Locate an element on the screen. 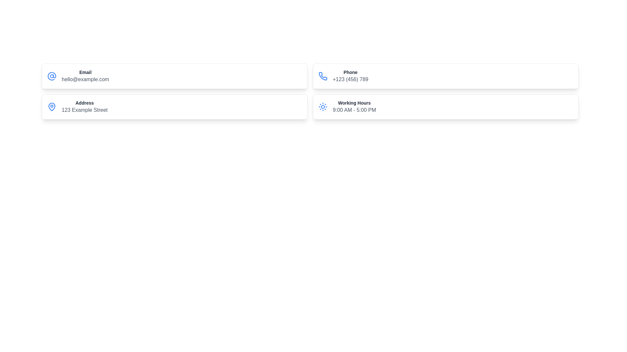 Image resolution: width=627 pixels, height=352 pixels. the 'Working Hours' text display element, which shows the hours '9:00 AM - 5:00 PM' below the heading, located in the bottom-right section of the layout is located at coordinates (354, 106).